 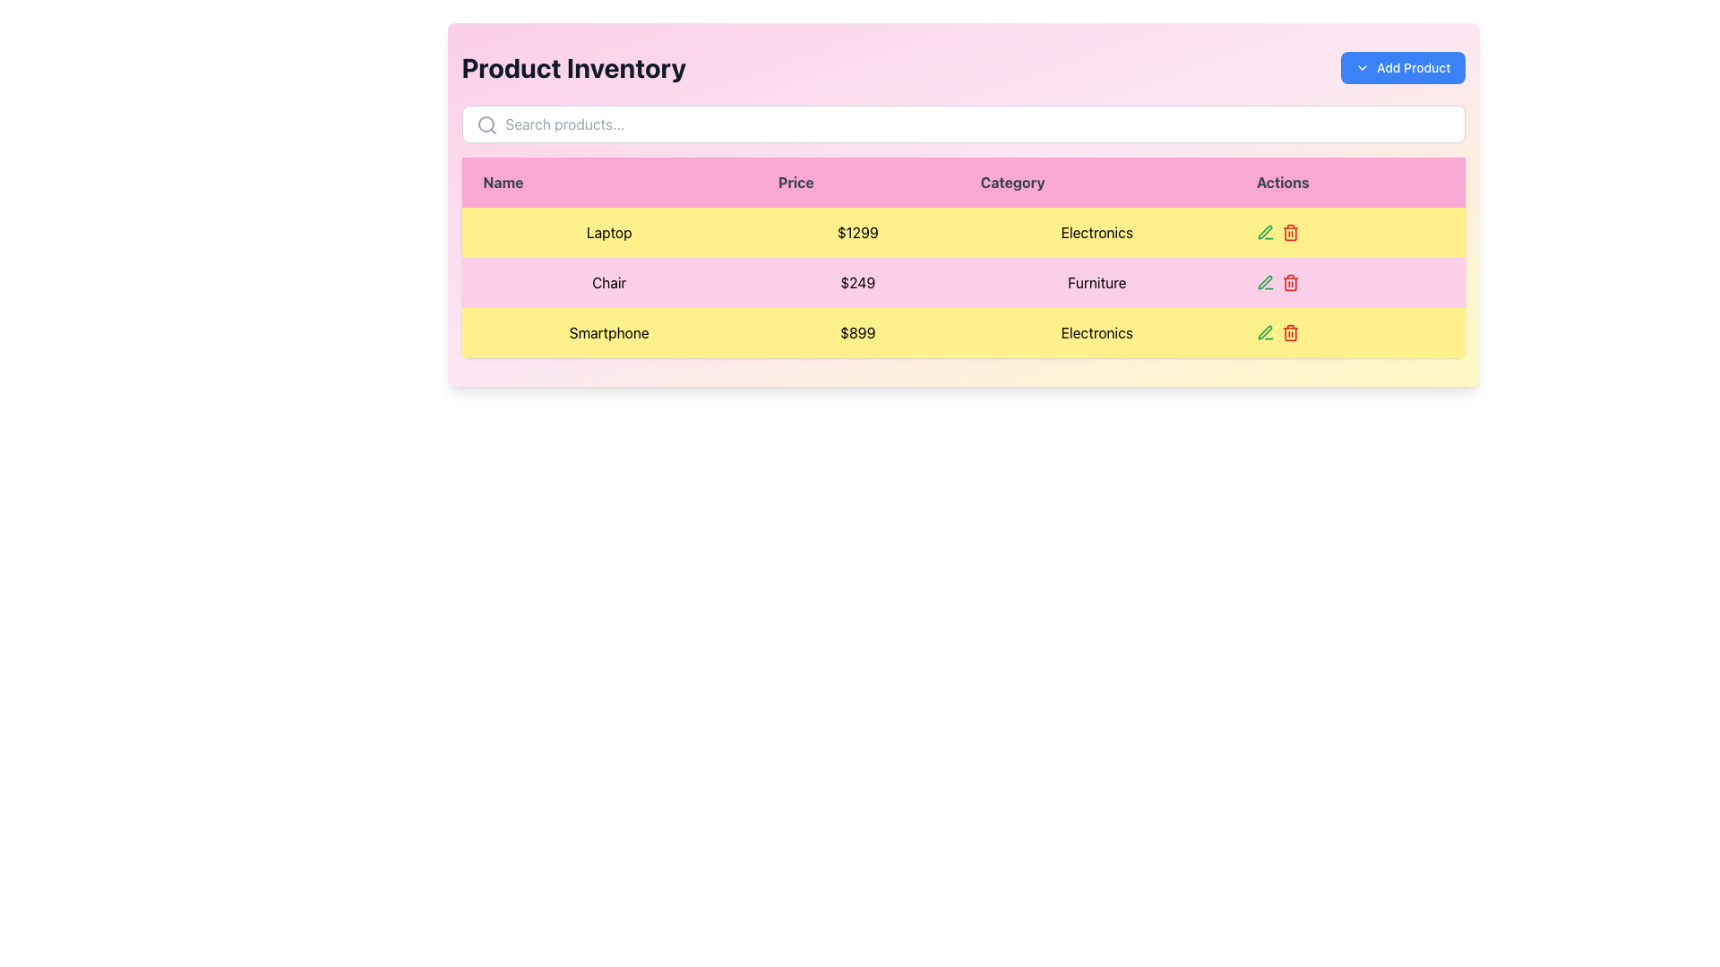 I want to click on the green pen icon in the 'Actions' column of the first row of the table, so click(x=1264, y=282).